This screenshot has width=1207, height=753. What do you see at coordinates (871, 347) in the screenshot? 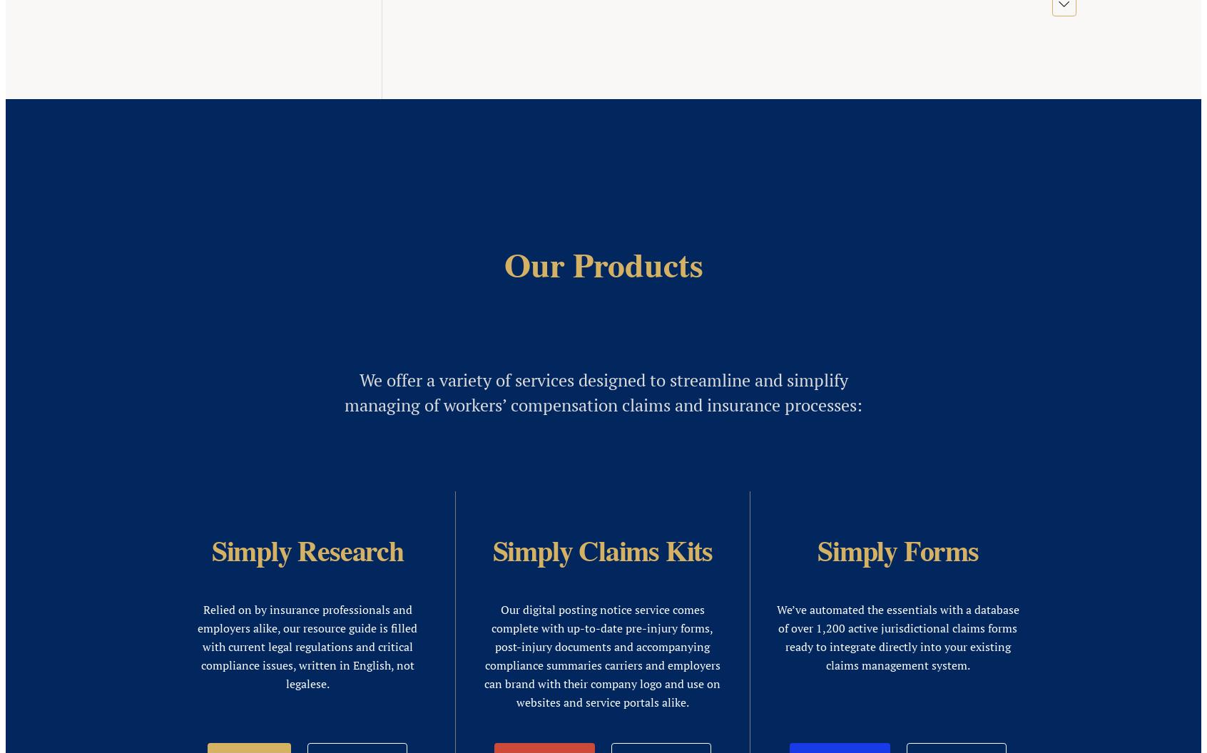
I see `'About Us'` at bounding box center [871, 347].